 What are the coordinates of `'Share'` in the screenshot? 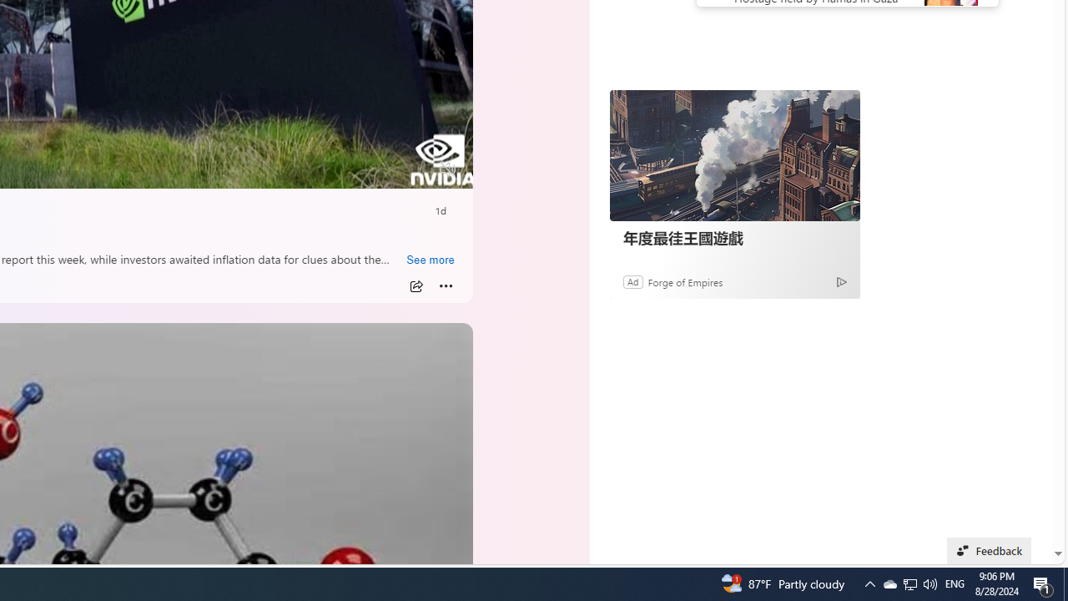 It's located at (416, 285).